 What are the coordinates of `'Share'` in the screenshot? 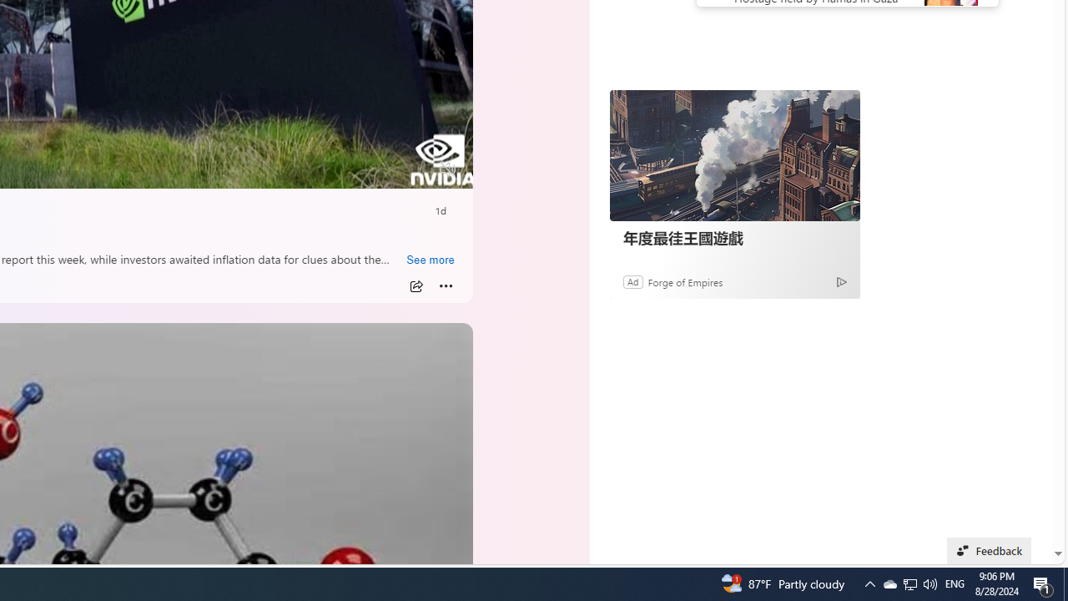 It's located at (416, 285).